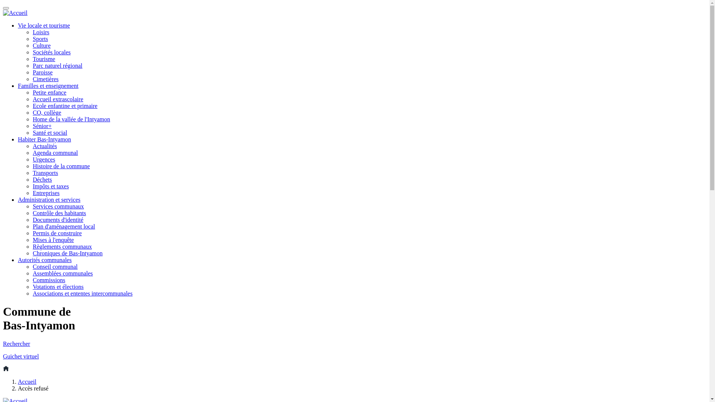 Image resolution: width=715 pixels, height=402 pixels. Describe the element at coordinates (41, 45) in the screenshot. I see `'Culture'` at that location.